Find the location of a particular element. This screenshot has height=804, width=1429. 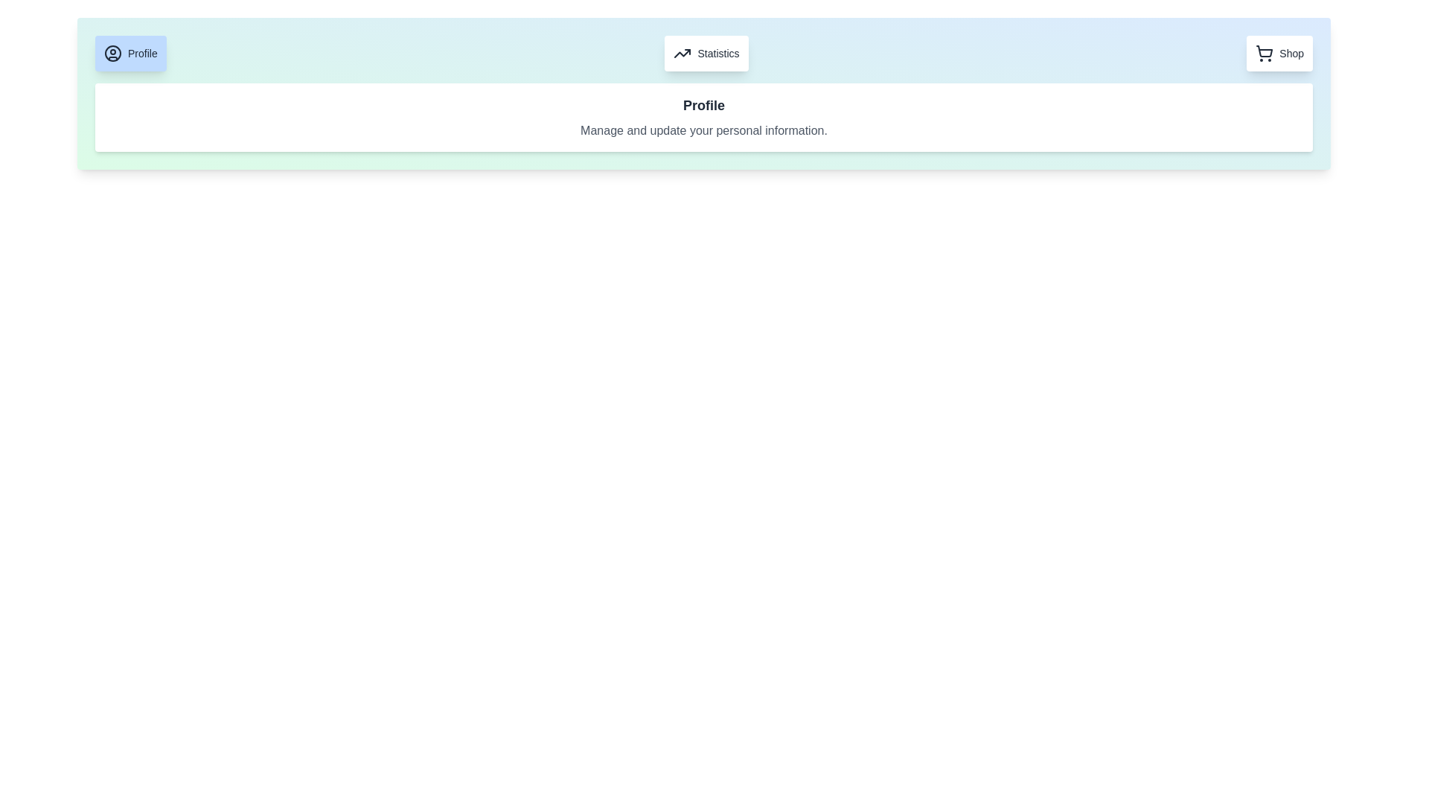

the line chart icon representing the 'Statistics' section is located at coordinates (682, 53).